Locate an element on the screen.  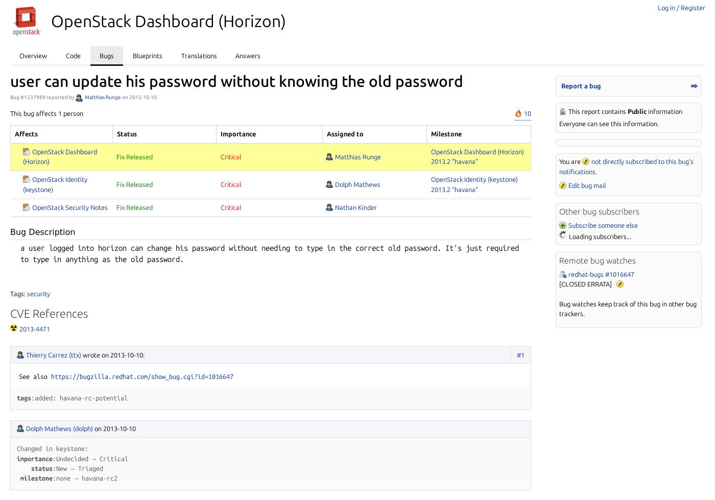
'com/show_' is located at coordinates (136, 375).